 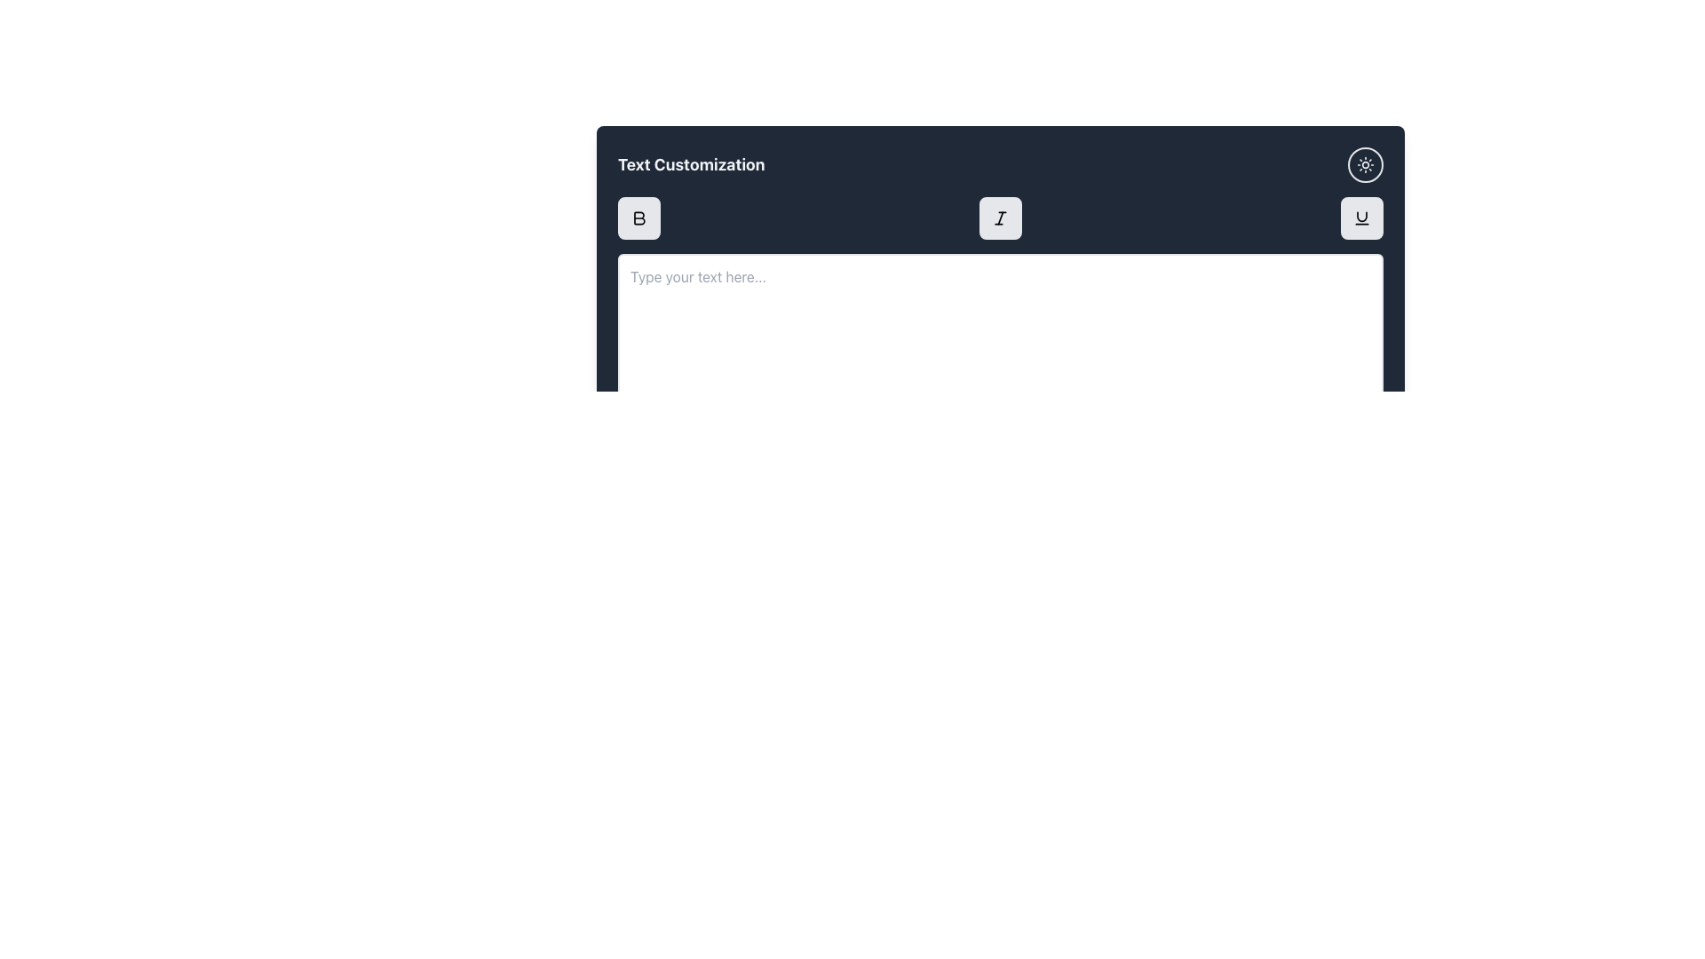 I want to click on the underline icon located in the upper-right corner of the text customization toolbar, so click(x=1361, y=218).